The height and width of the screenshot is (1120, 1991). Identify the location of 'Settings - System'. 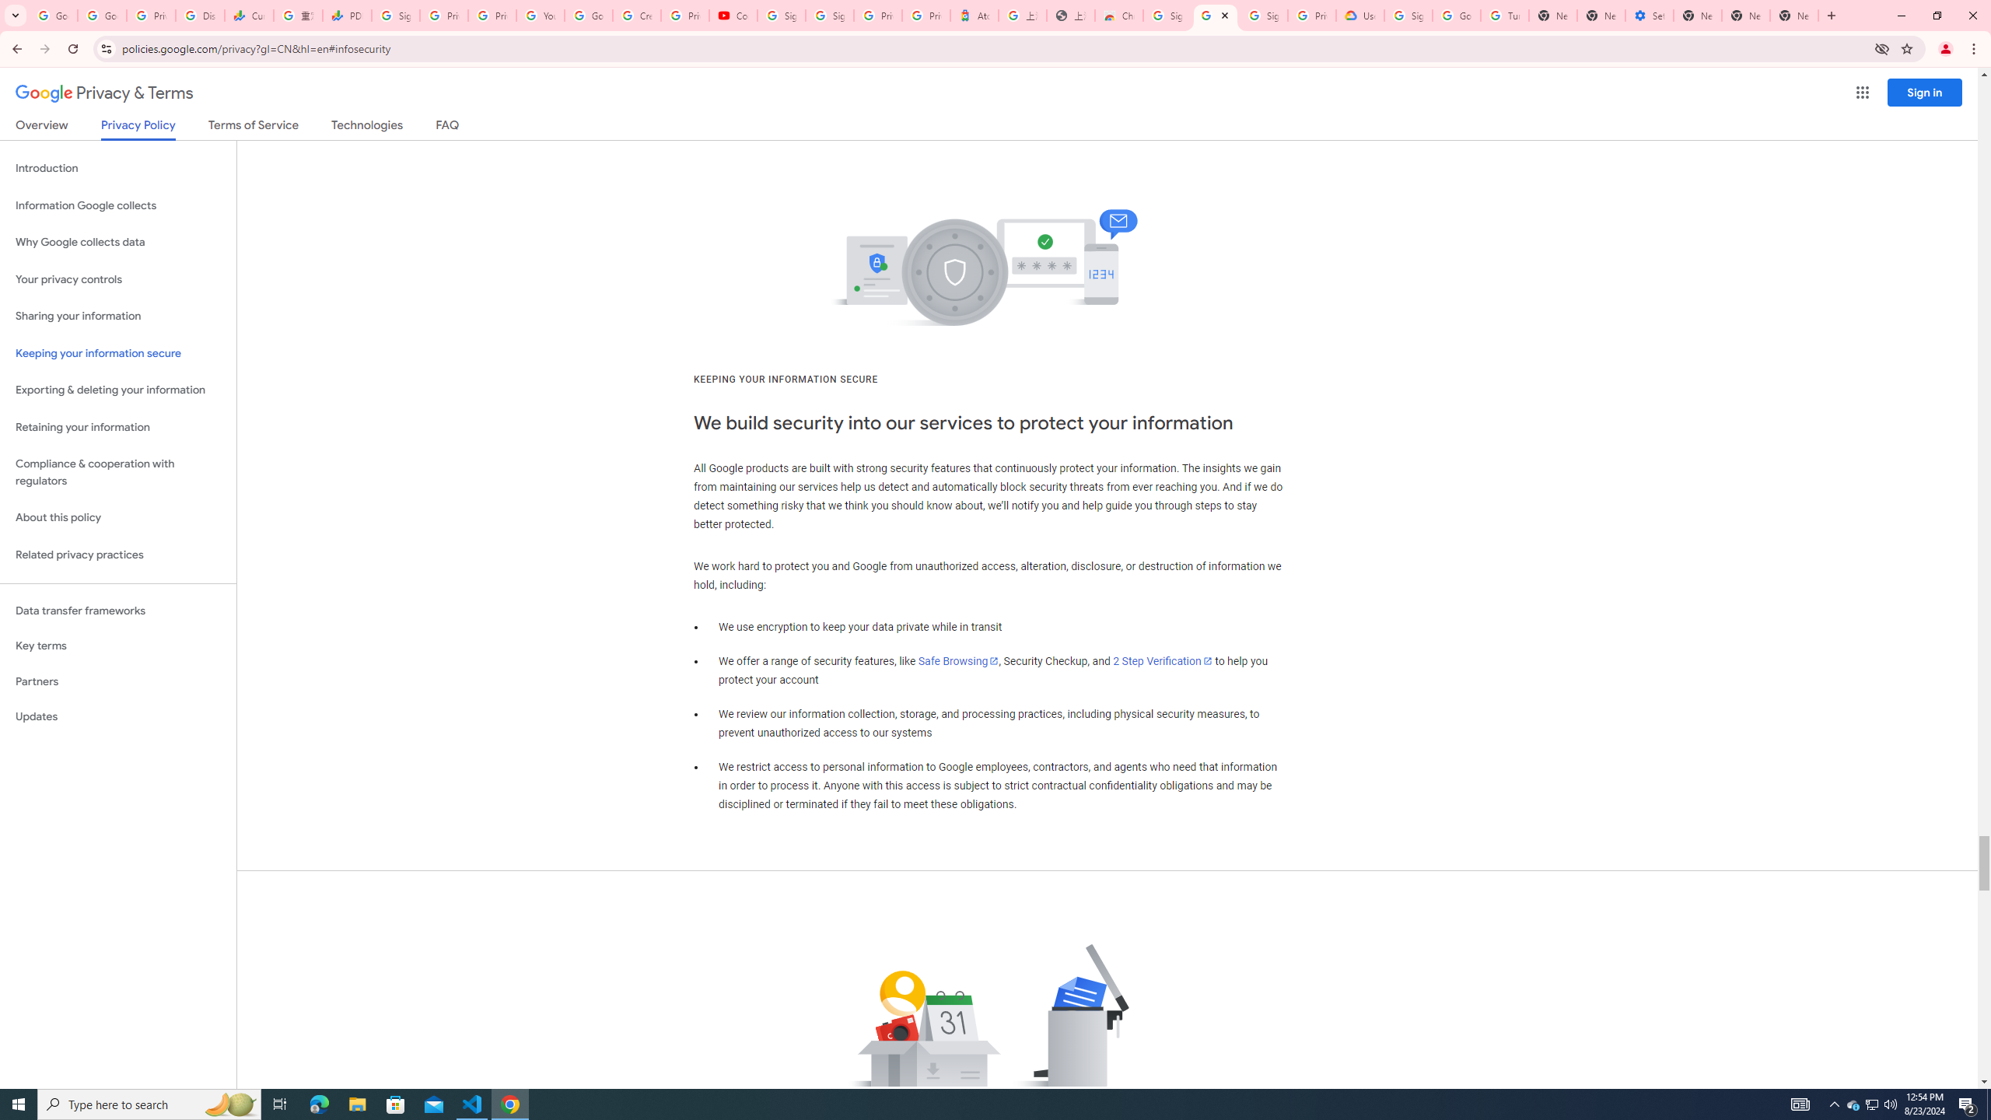
(1648, 15).